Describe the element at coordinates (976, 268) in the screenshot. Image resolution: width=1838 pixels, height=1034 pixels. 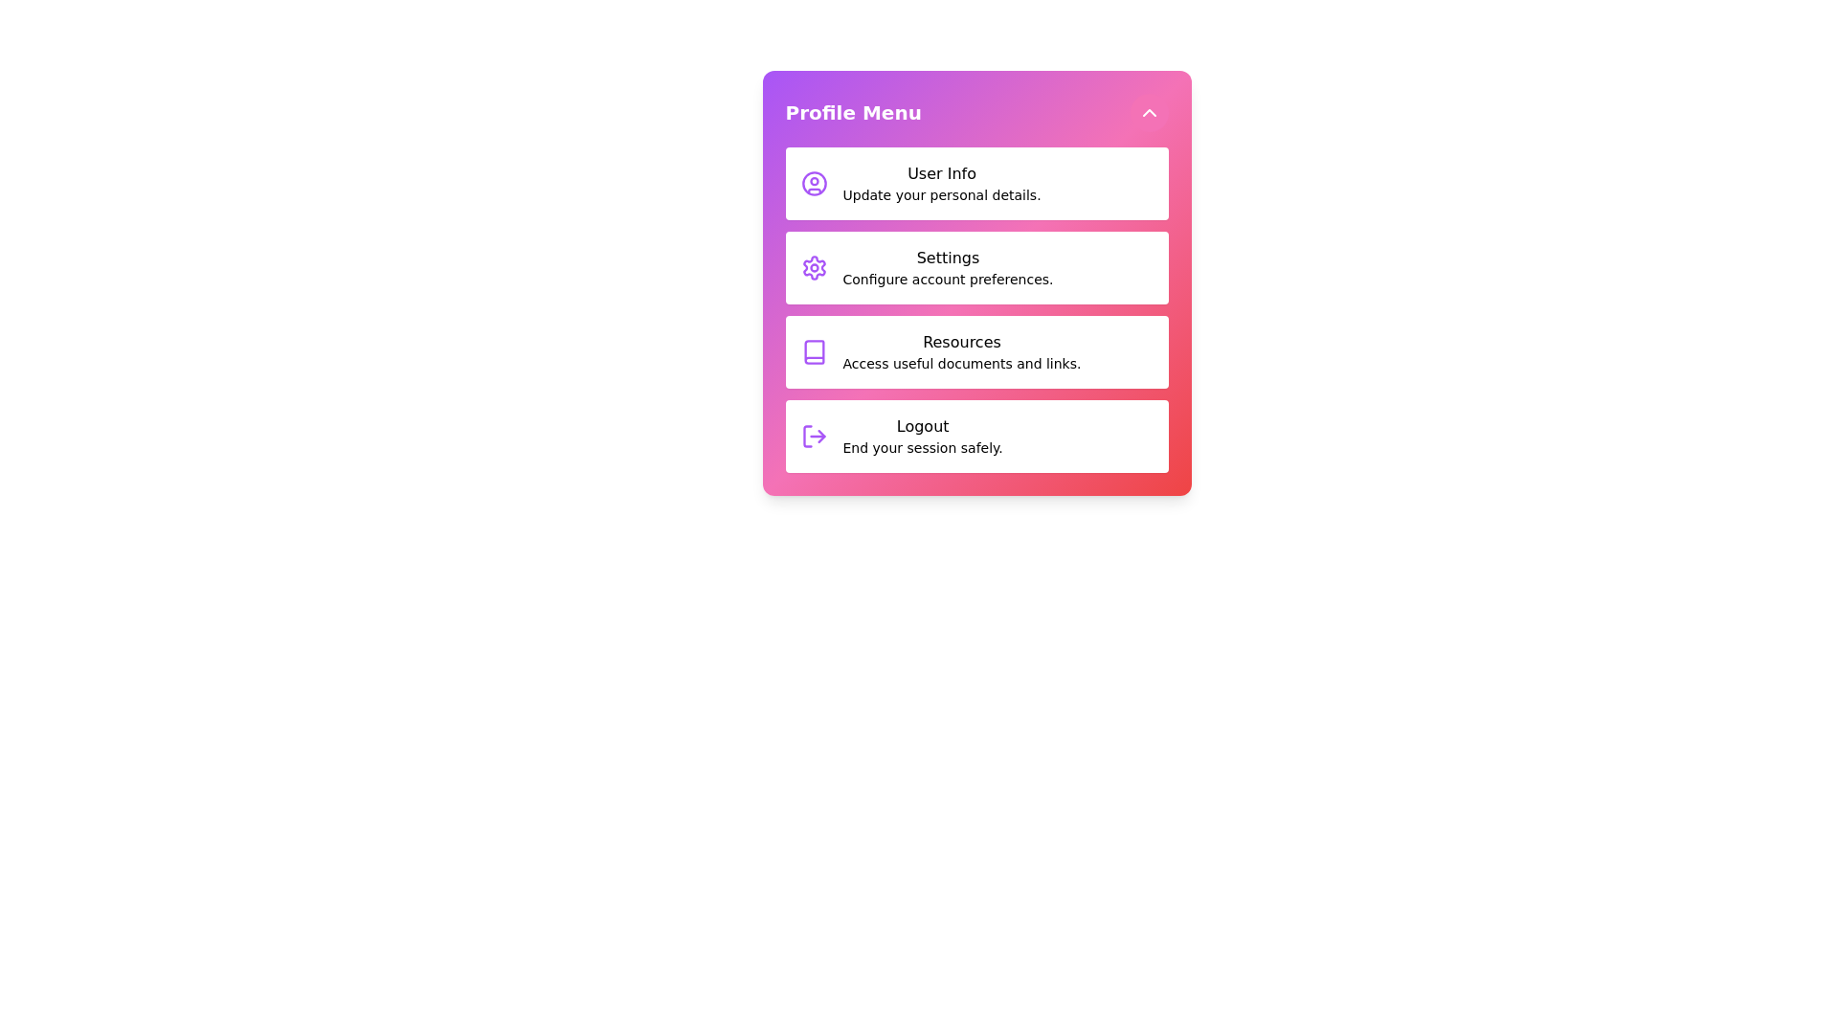
I see `the menu item labeled 'Settings' to observe hover effects` at that location.